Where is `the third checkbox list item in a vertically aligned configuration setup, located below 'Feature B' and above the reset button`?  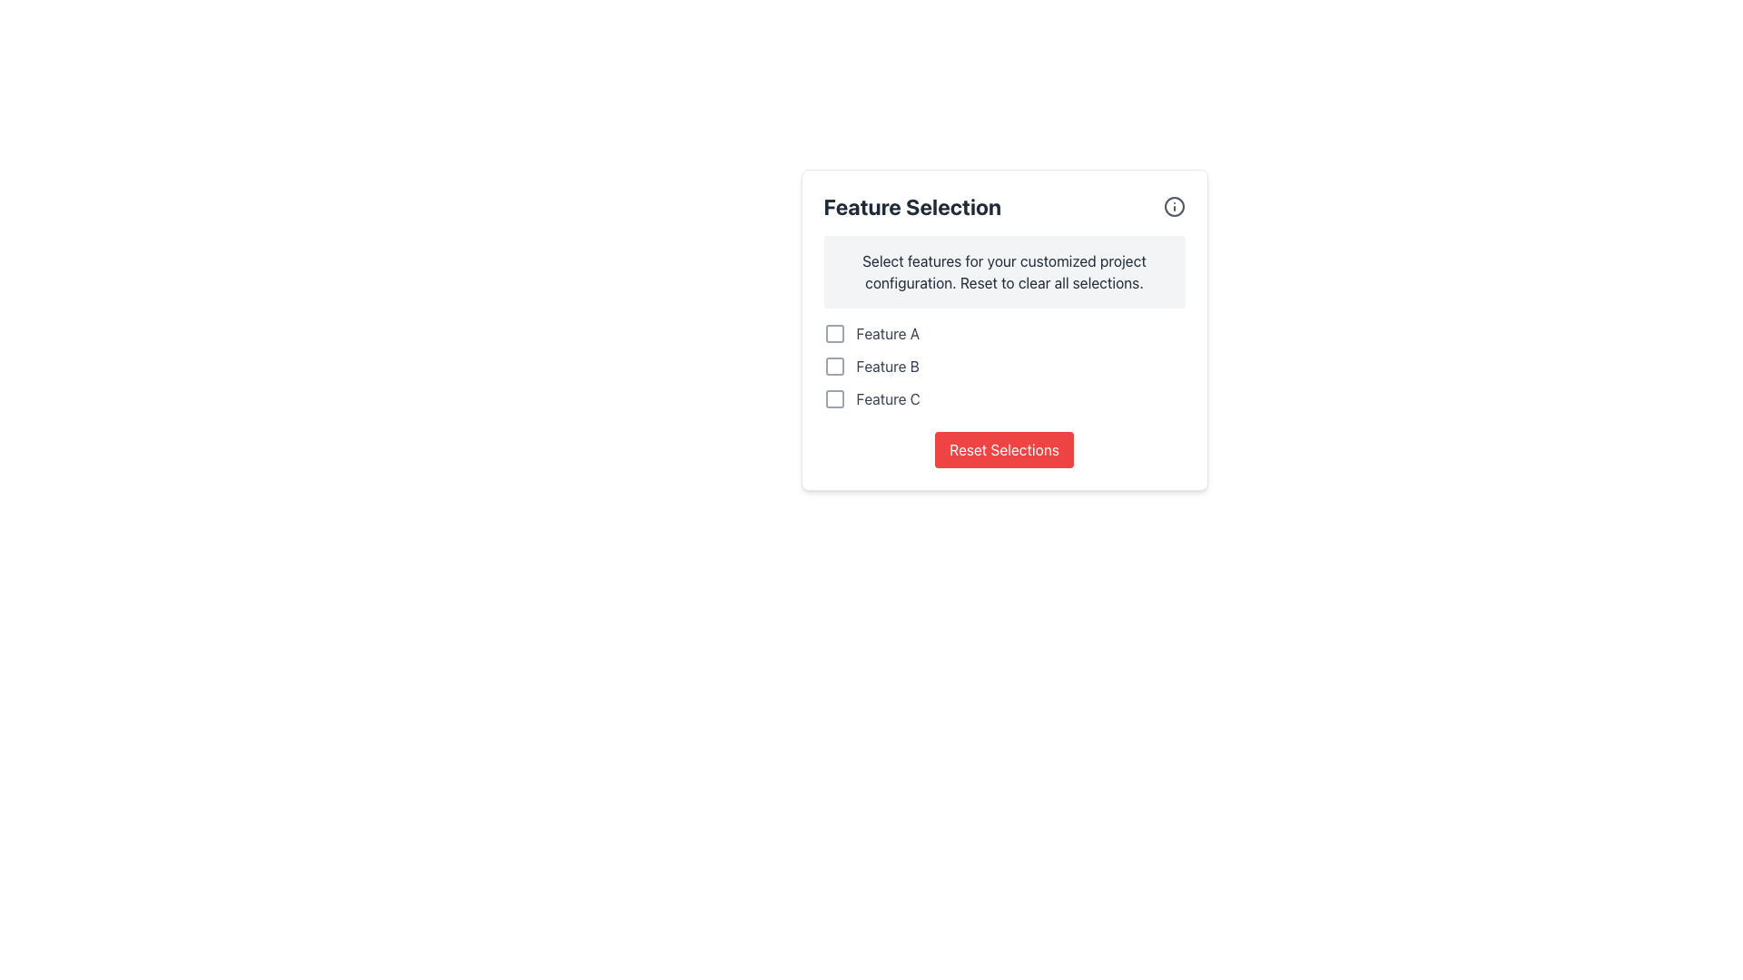 the third checkbox list item in a vertically aligned configuration setup, located below 'Feature B' and above the reset button is located at coordinates (1003, 397).